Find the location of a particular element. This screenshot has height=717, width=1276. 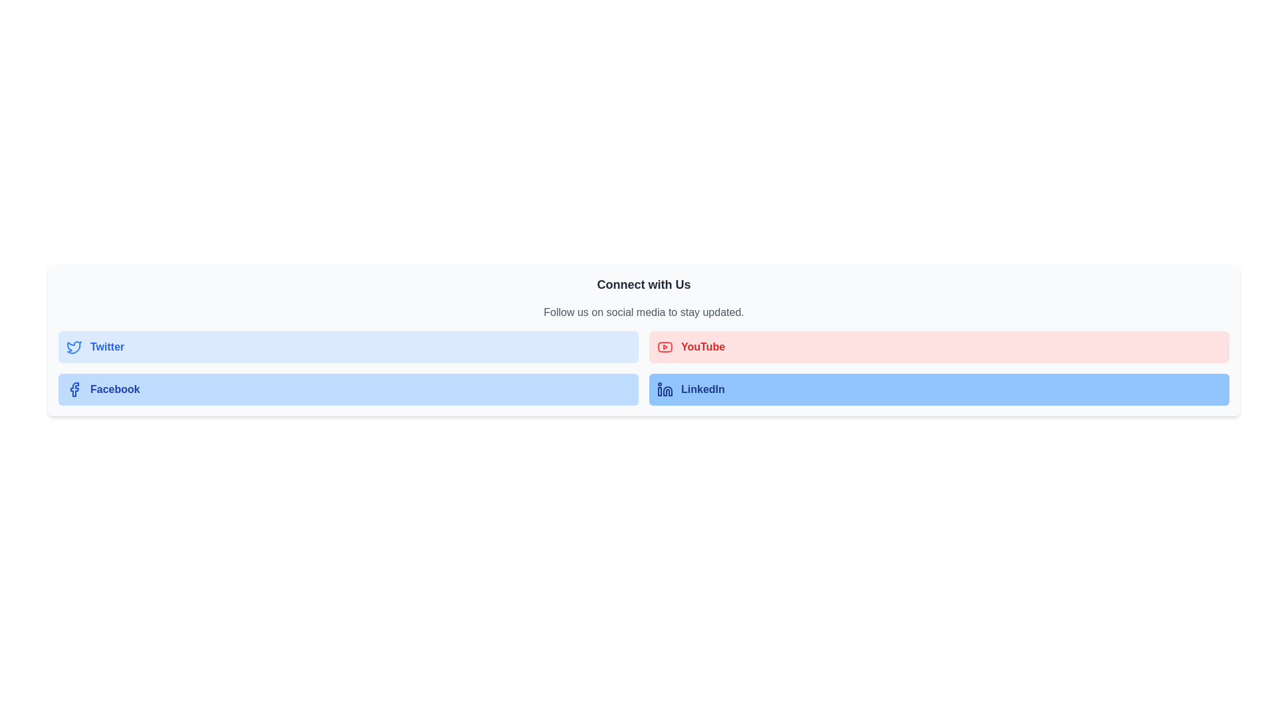

the text label that reads 'Follow us on social media to stay updated.' which is located below the 'Connect with Us' title and above the social media links is located at coordinates (644, 312).